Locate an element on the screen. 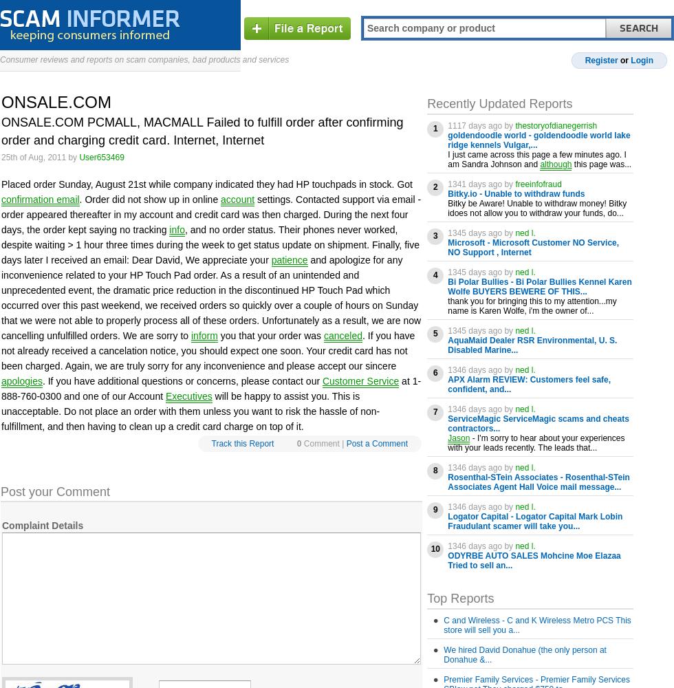 This screenshot has width=674, height=688. 'ServiceMagic  ServiceMagic scams and cheats contractors...' is located at coordinates (448, 423).